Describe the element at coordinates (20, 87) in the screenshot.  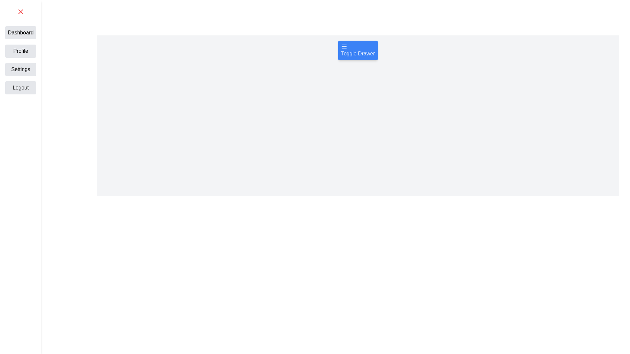
I see `the navigation item Logout from the drawer menu` at that location.